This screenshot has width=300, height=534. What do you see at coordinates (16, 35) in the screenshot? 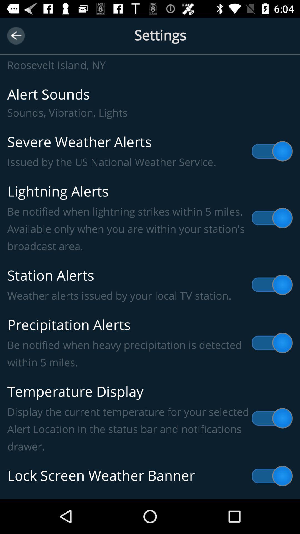
I see `the arrow_backward icon` at bounding box center [16, 35].